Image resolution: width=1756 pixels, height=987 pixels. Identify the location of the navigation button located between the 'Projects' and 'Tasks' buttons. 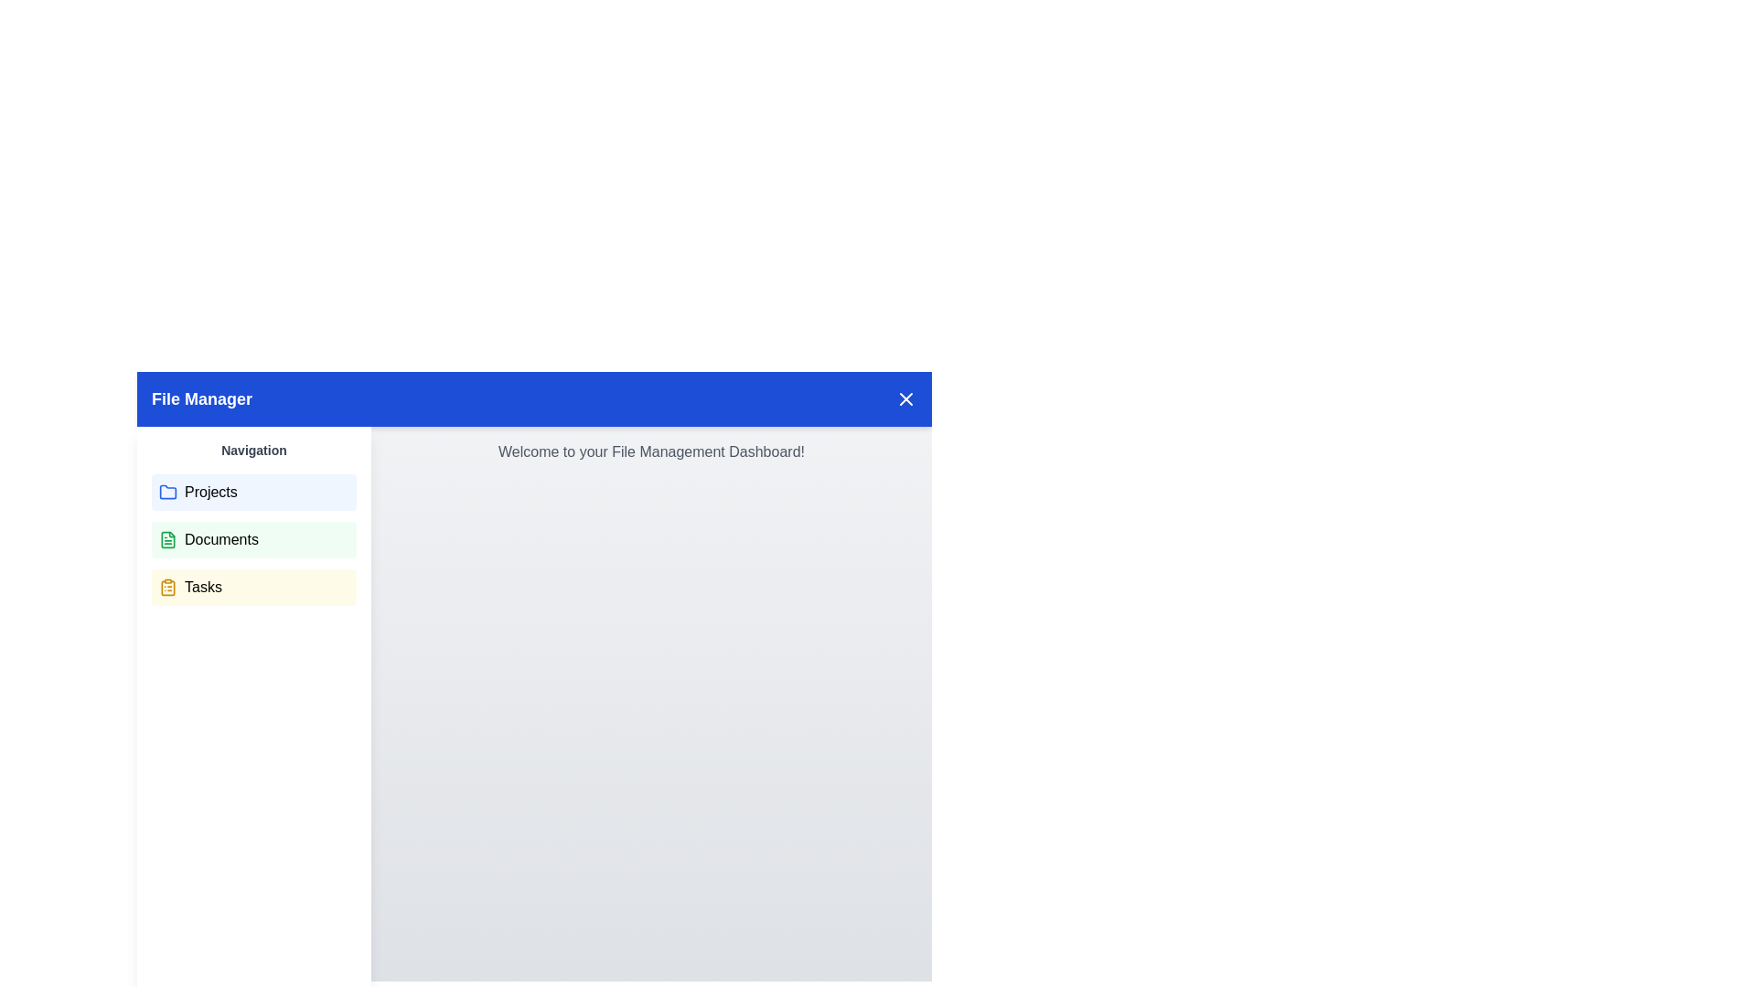
(253, 538).